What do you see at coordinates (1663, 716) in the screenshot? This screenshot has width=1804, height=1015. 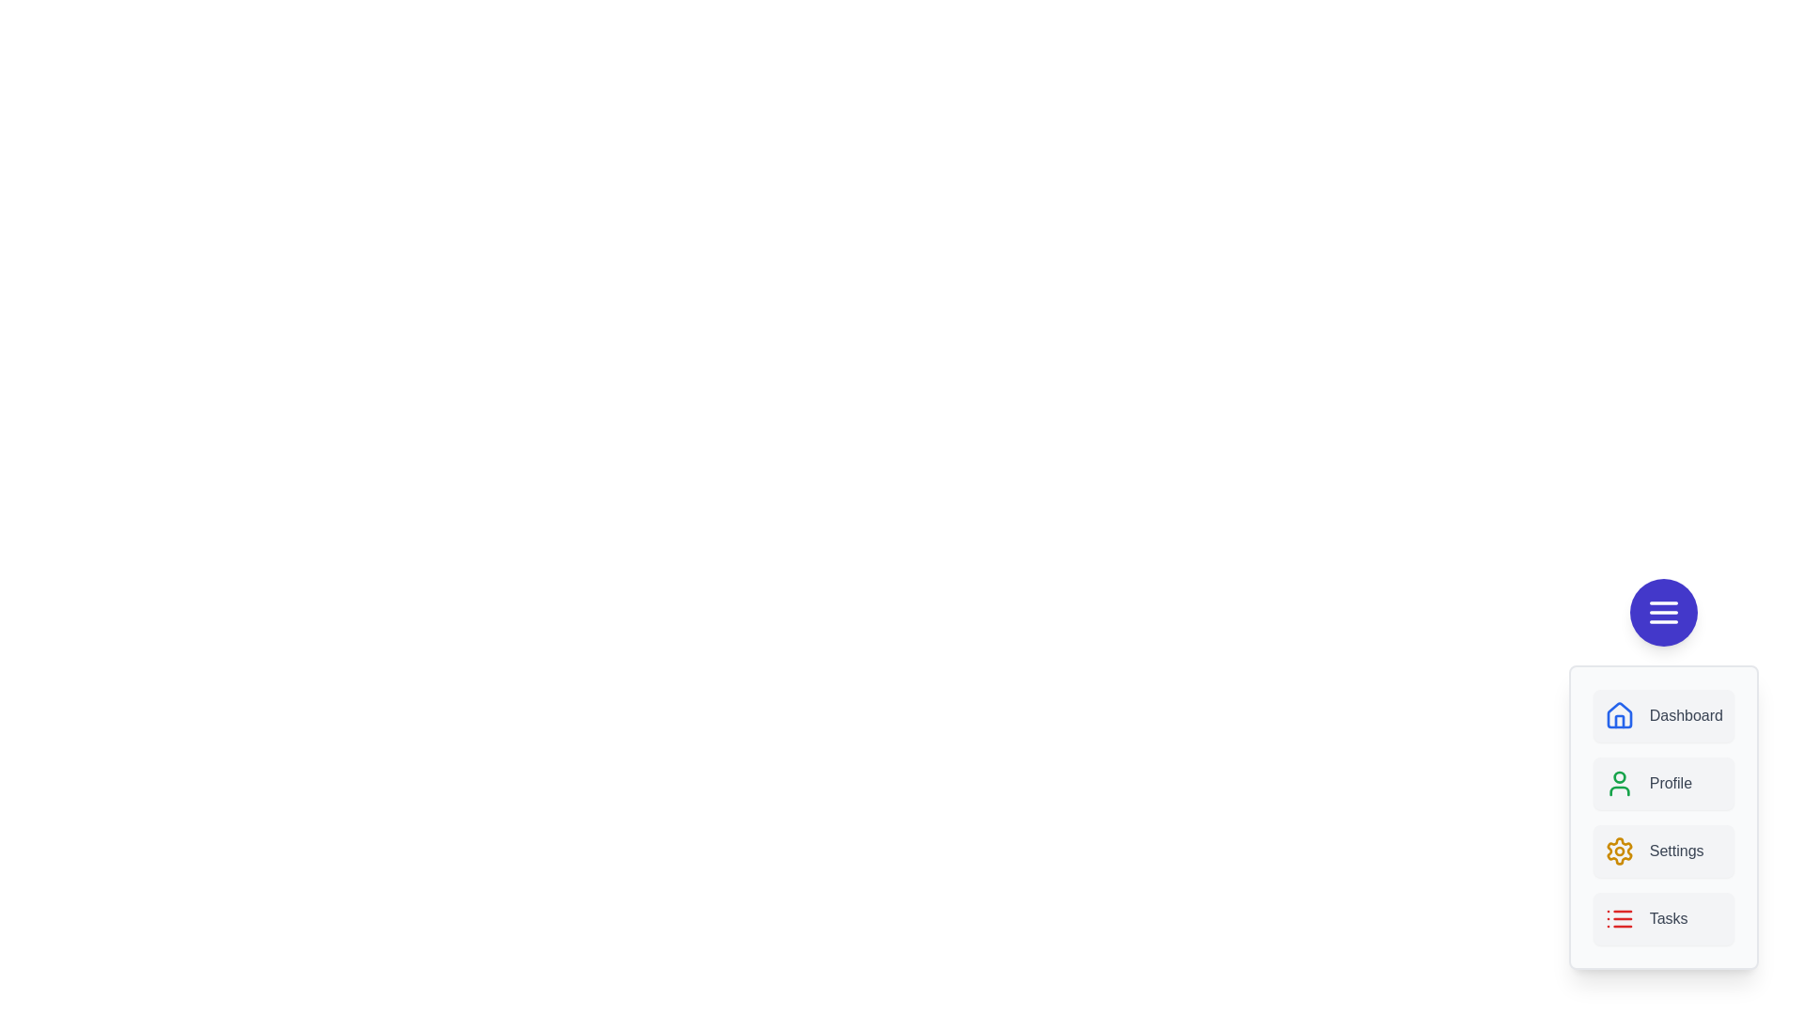 I see `the Dashboard option from the menu` at bounding box center [1663, 716].